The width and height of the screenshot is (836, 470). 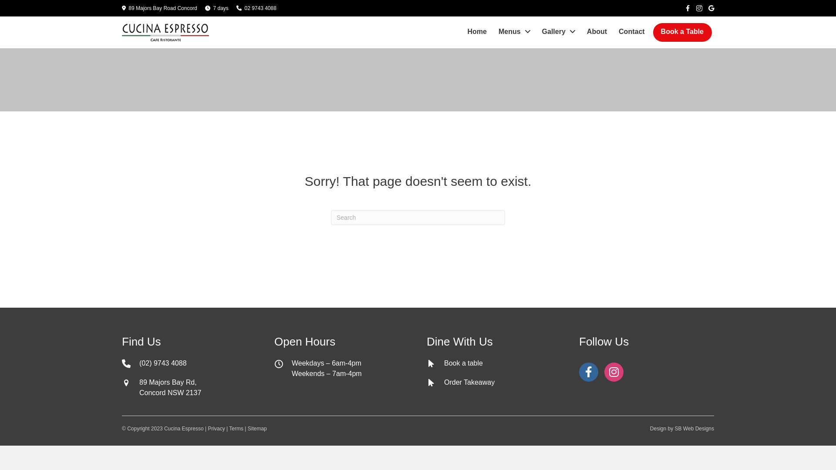 I want to click on '89 Majors Bay Road Concord', so click(x=162, y=8).